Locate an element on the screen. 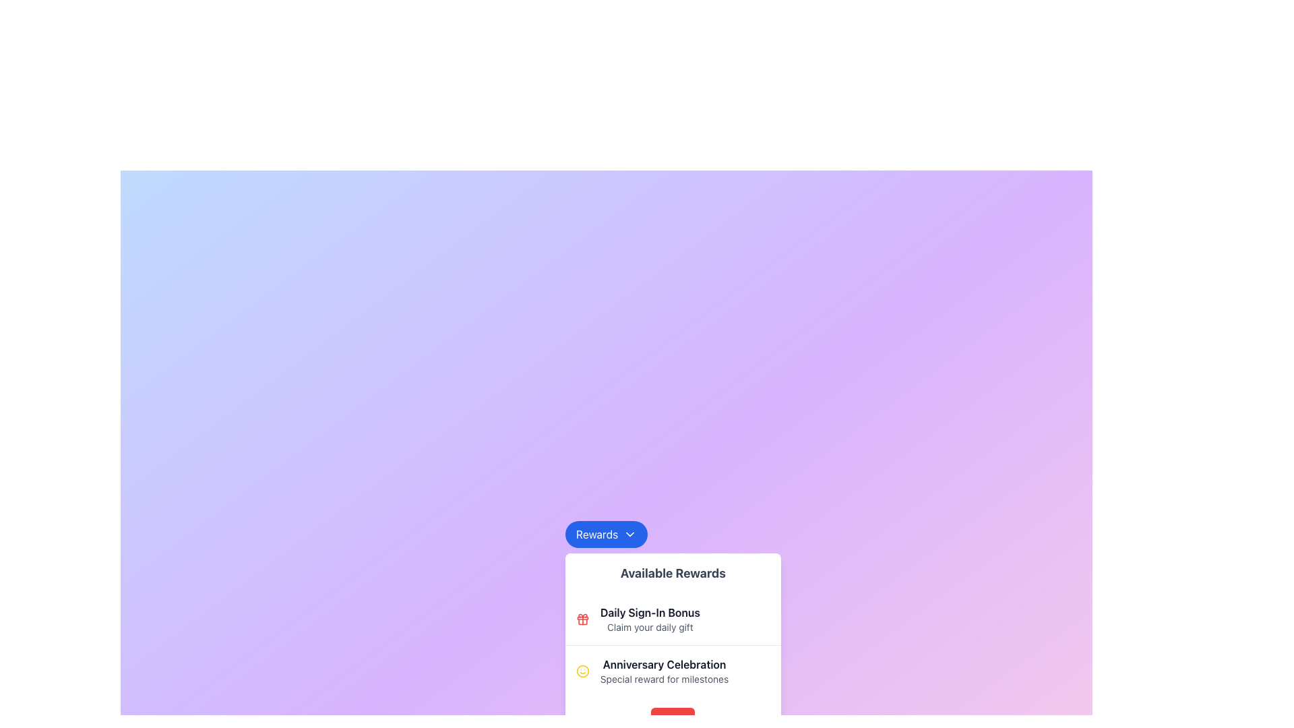 This screenshot has height=728, width=1294. the downward-pointing arrow icon located to the right of the 'Rewards' text within a blue circular background is located at coordinates (629, 534).